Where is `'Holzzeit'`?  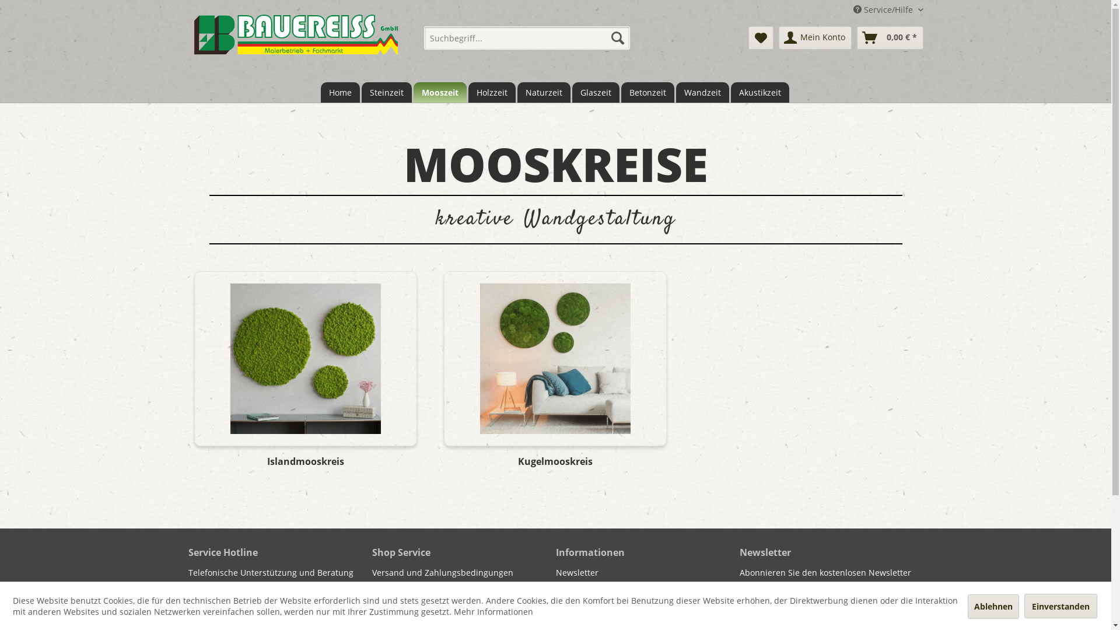 'Holzzeit' is located at coordinates (491, 92).